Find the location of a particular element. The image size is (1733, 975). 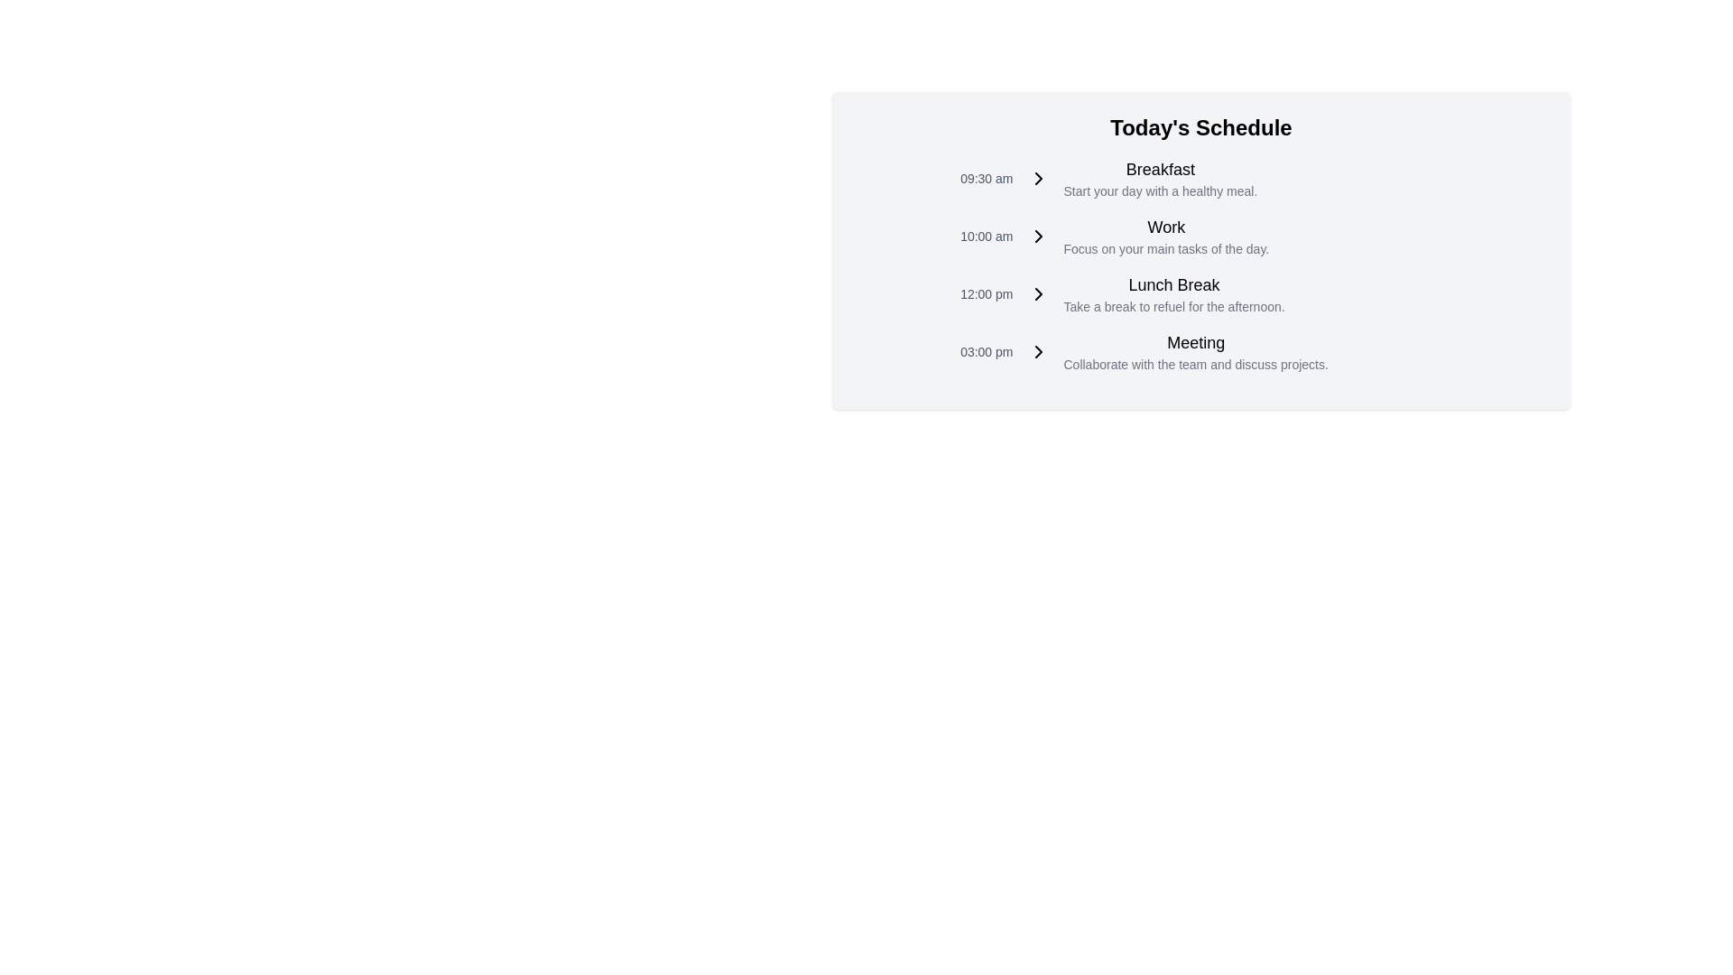

the chevron icon indicating navigation or expansion functionality related to the '03:00 pm Meeting' schedule item is located at coordinates (1038, 351).